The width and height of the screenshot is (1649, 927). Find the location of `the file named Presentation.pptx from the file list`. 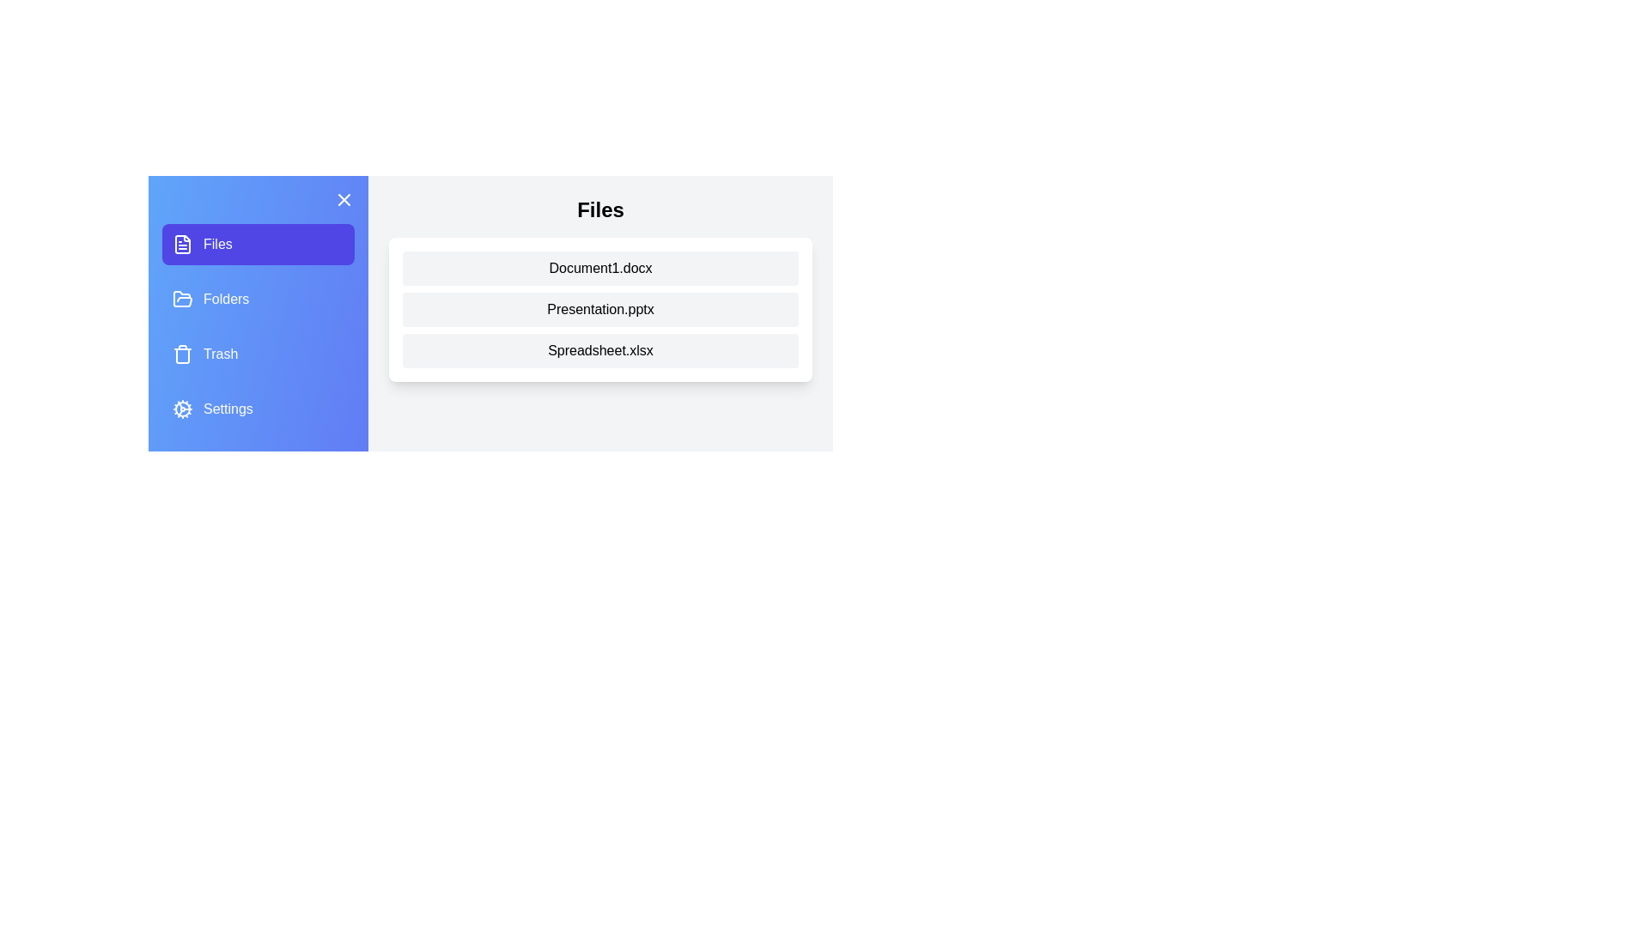

the file named Presentation.pptx from the file list is located at coordinates (600, 310).